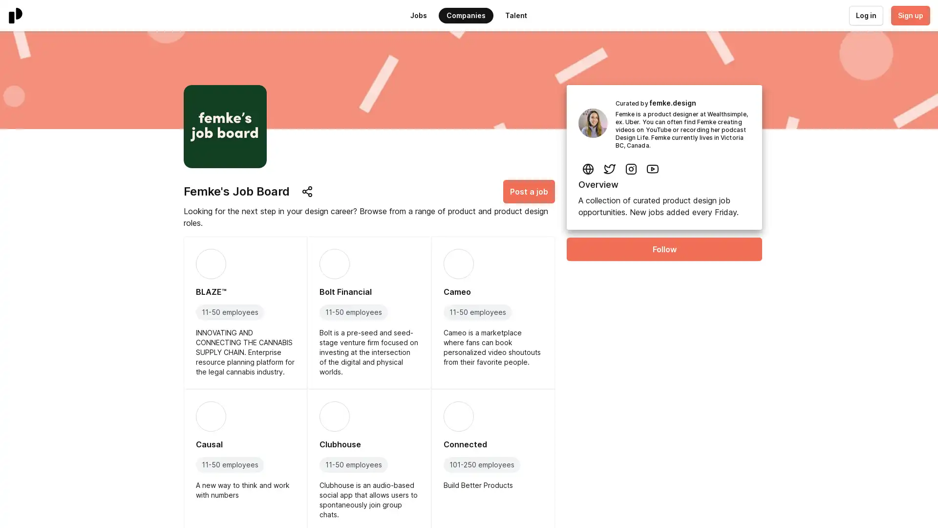 The height and width of the screenshot is (528, 938). Describe the element at coordinates (664, 248) in the screenshot. I see `Follow` at that location.